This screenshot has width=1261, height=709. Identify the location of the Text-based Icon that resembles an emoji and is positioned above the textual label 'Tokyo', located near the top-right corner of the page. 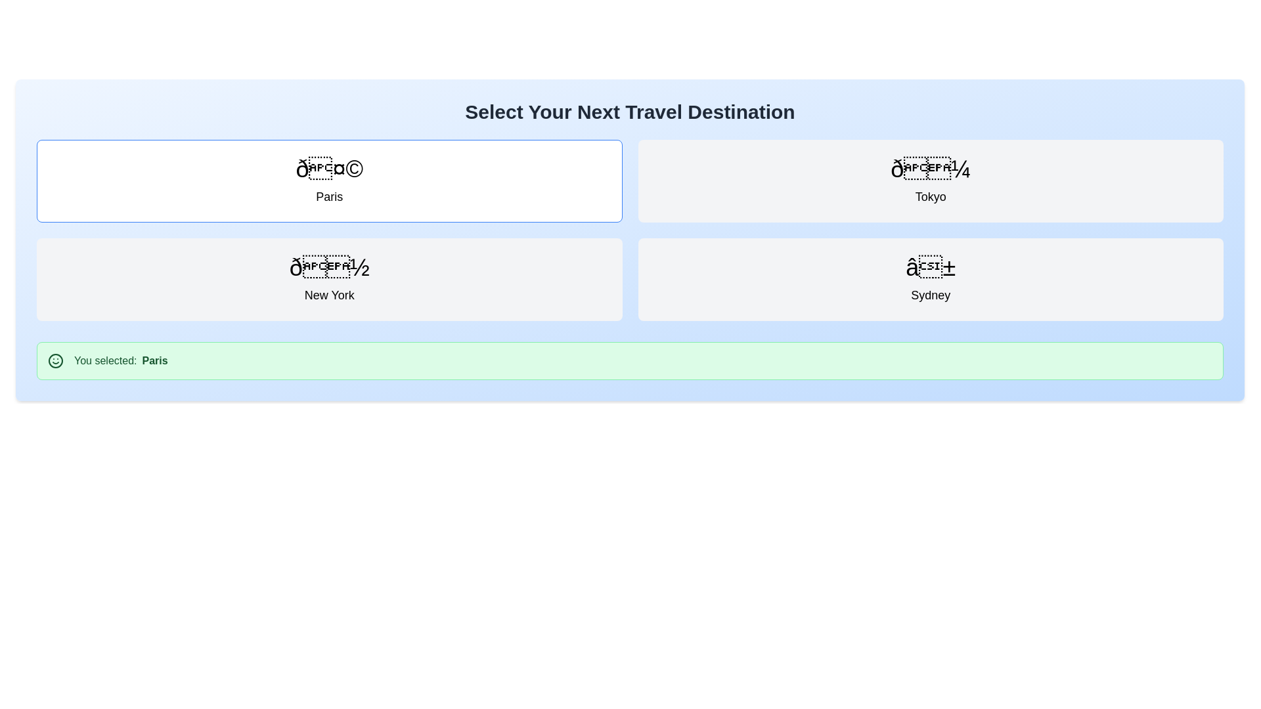
(930, 169).